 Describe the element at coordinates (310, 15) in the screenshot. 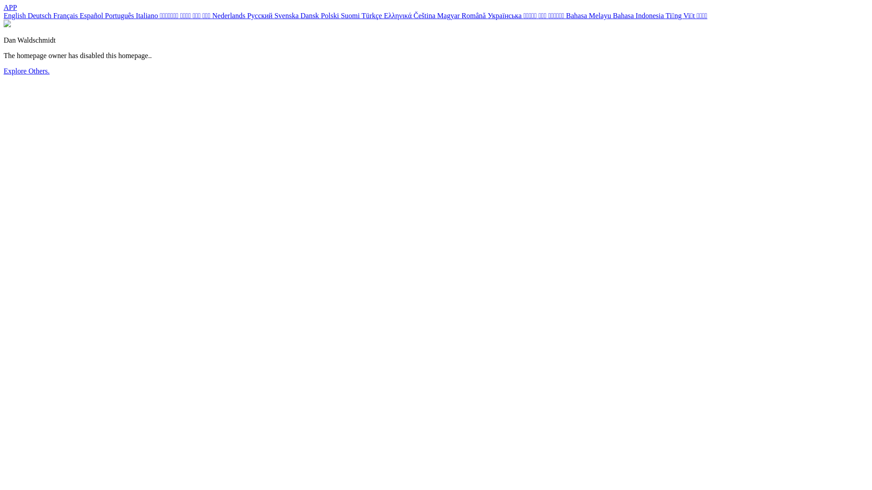

I see `'Dansk'` at that location.